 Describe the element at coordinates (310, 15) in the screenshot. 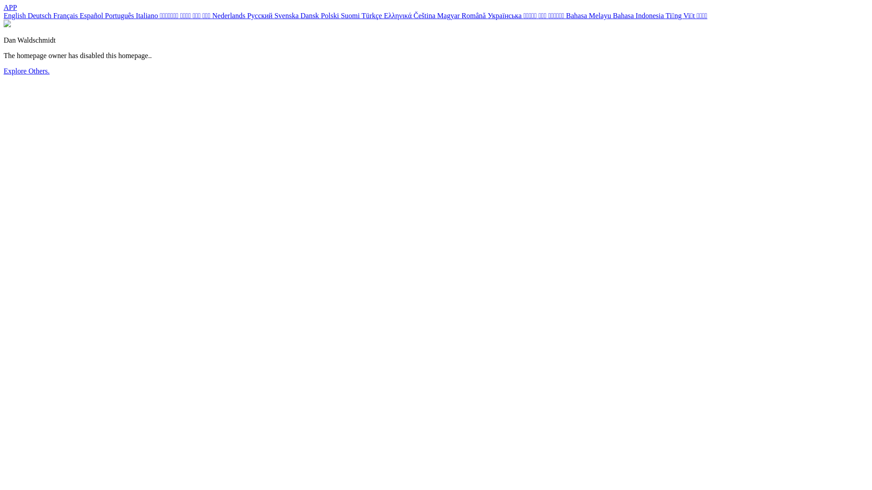

I see `'Dansk'` at that location.